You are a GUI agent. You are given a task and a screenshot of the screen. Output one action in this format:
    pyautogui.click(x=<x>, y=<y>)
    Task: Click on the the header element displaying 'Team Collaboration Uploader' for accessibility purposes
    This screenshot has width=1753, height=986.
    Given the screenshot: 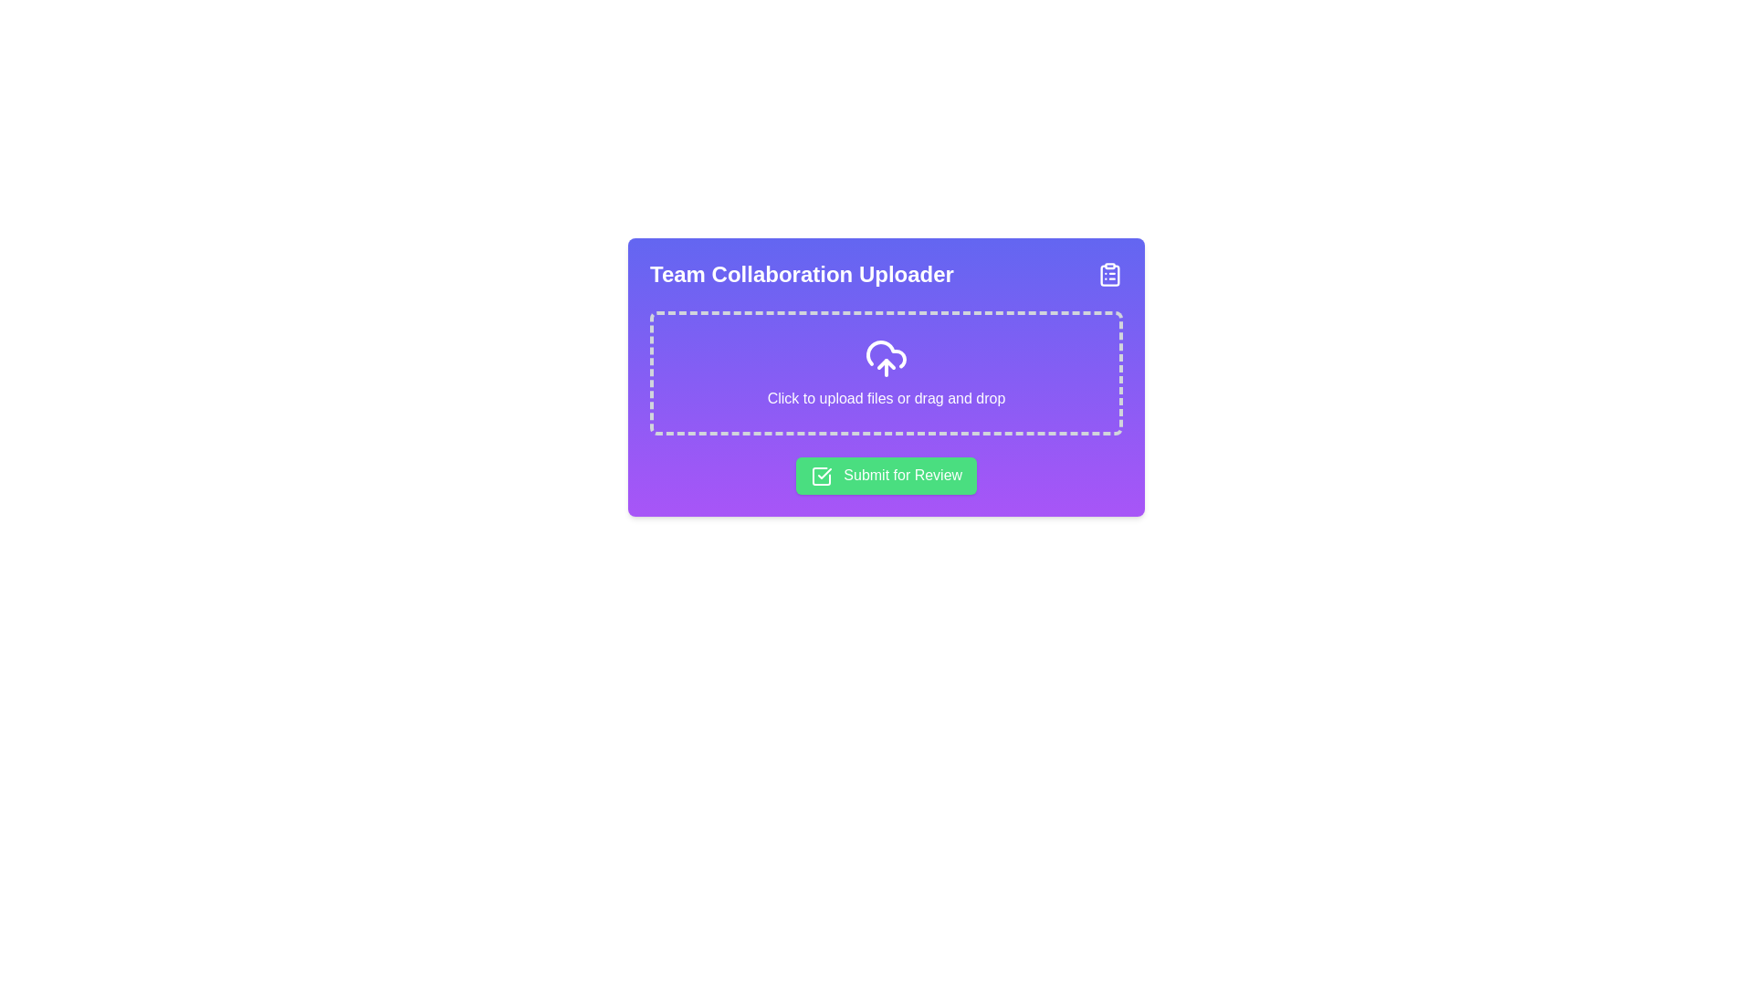 What is the action you would take?
    pyautogui.click(x=886, y=274)
    